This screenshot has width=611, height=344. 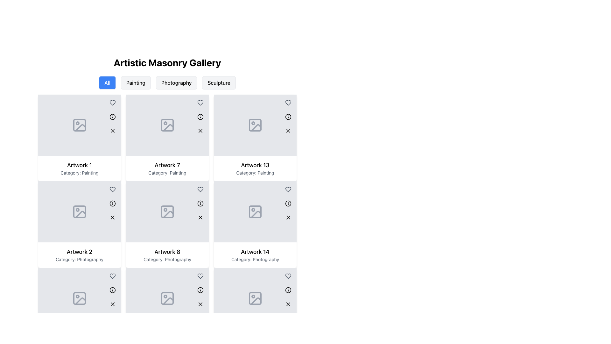 What do you see at coordinates (200, 117) in the screenshot?
I see `the middle circular button with a dot at its center in the upper right corner of the card representing Artwork 7` at bounding box center [200, 117].